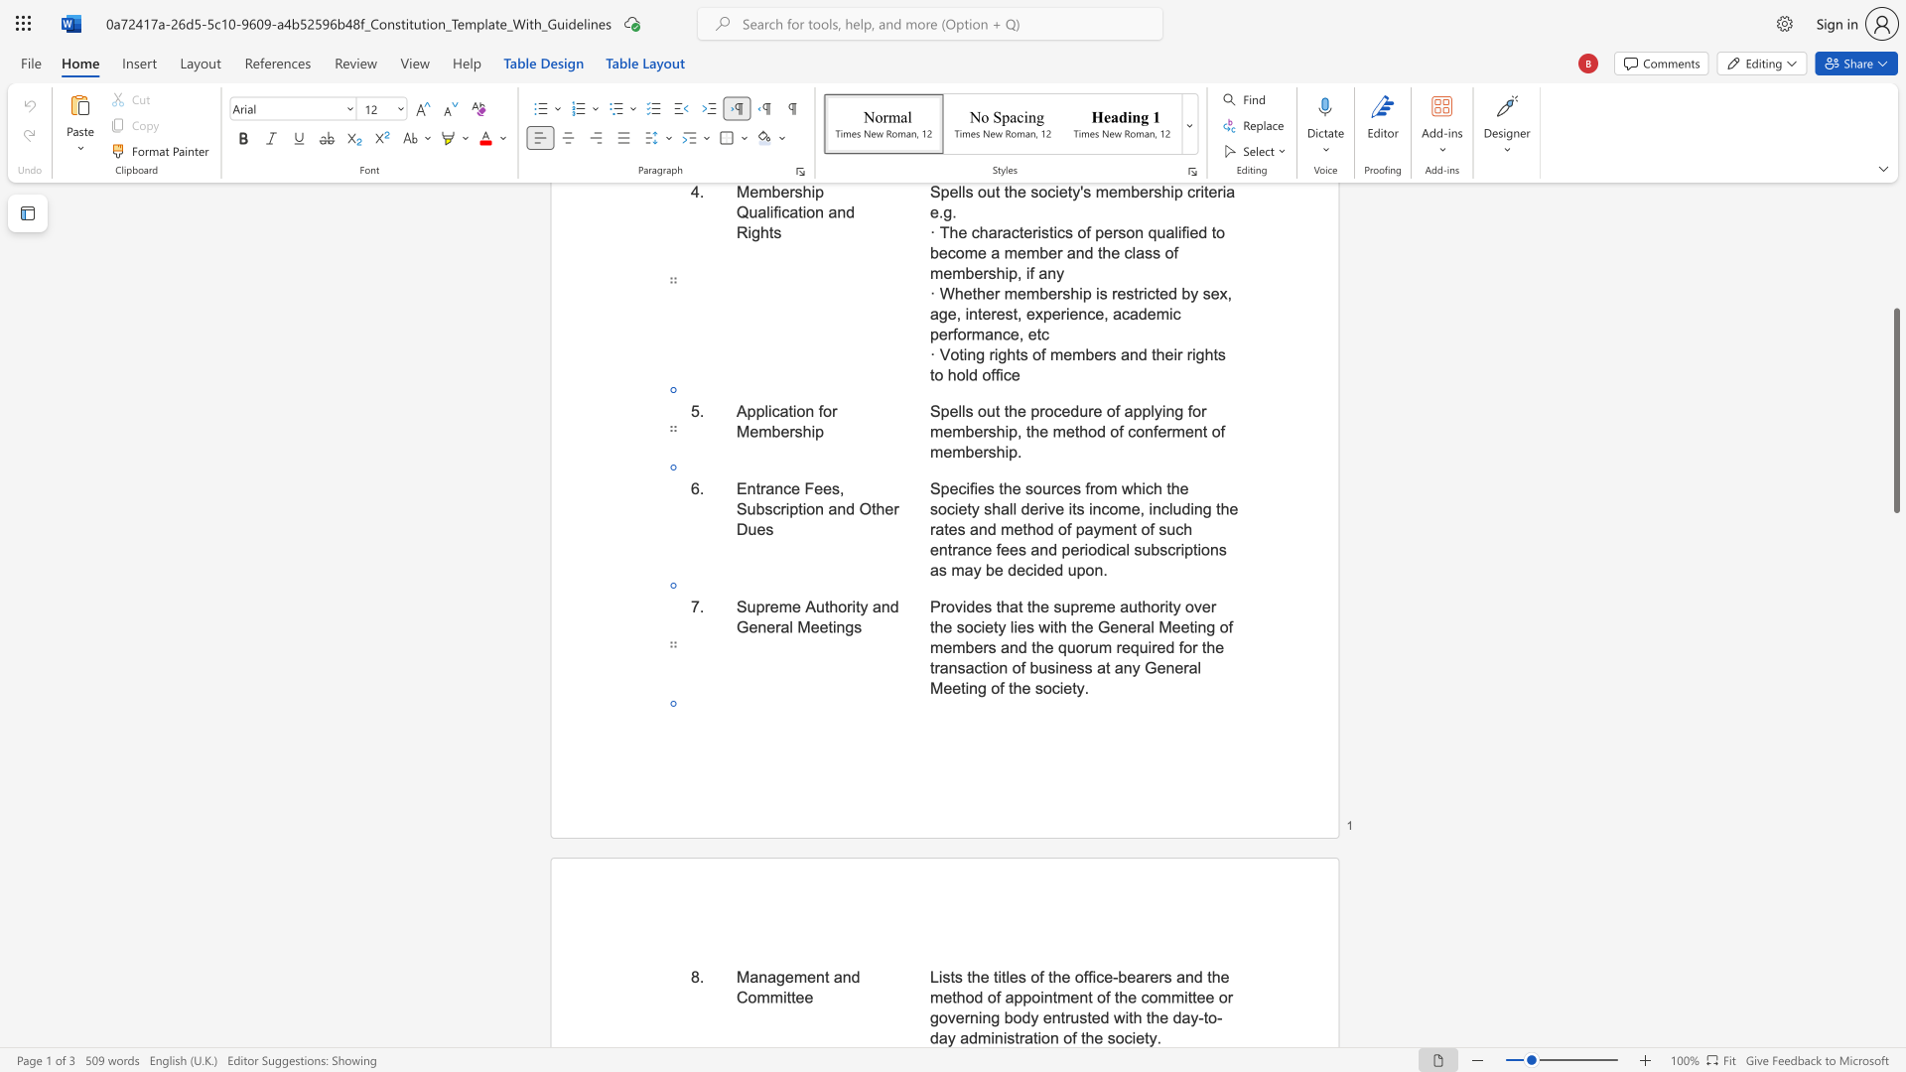  Describe the element at coordinates (1021, 1036) in the screenshot. I see `the 6th character "r" in the text` at that location.